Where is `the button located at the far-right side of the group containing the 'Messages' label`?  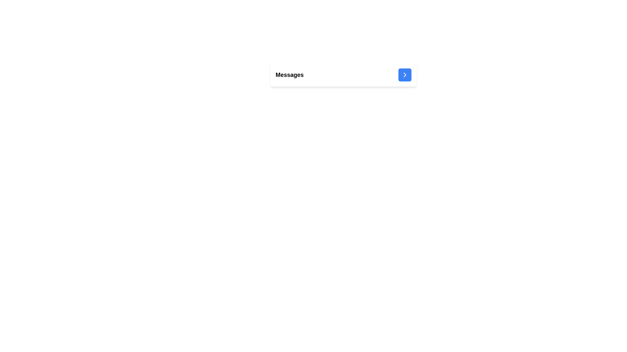
the button located at the far-right side of the group containing the 'Messages' label is located at coordinates (404, 75).